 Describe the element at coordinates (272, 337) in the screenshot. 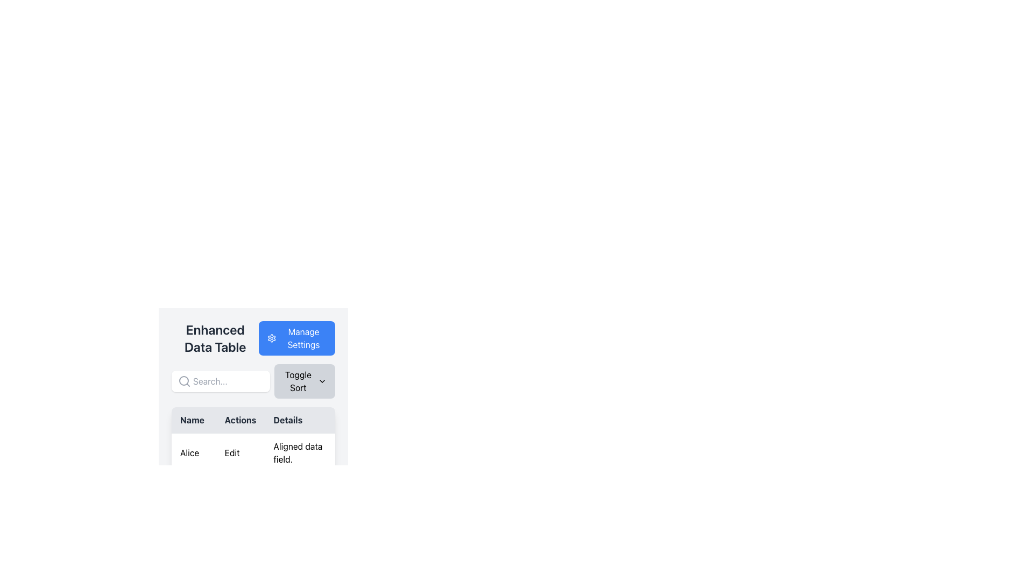

I see `the settings icon located to the left of the 'Manage Settings' text within the blue button group at the top-right corner of the 'Enhanced Data Table' UI card` at that location.